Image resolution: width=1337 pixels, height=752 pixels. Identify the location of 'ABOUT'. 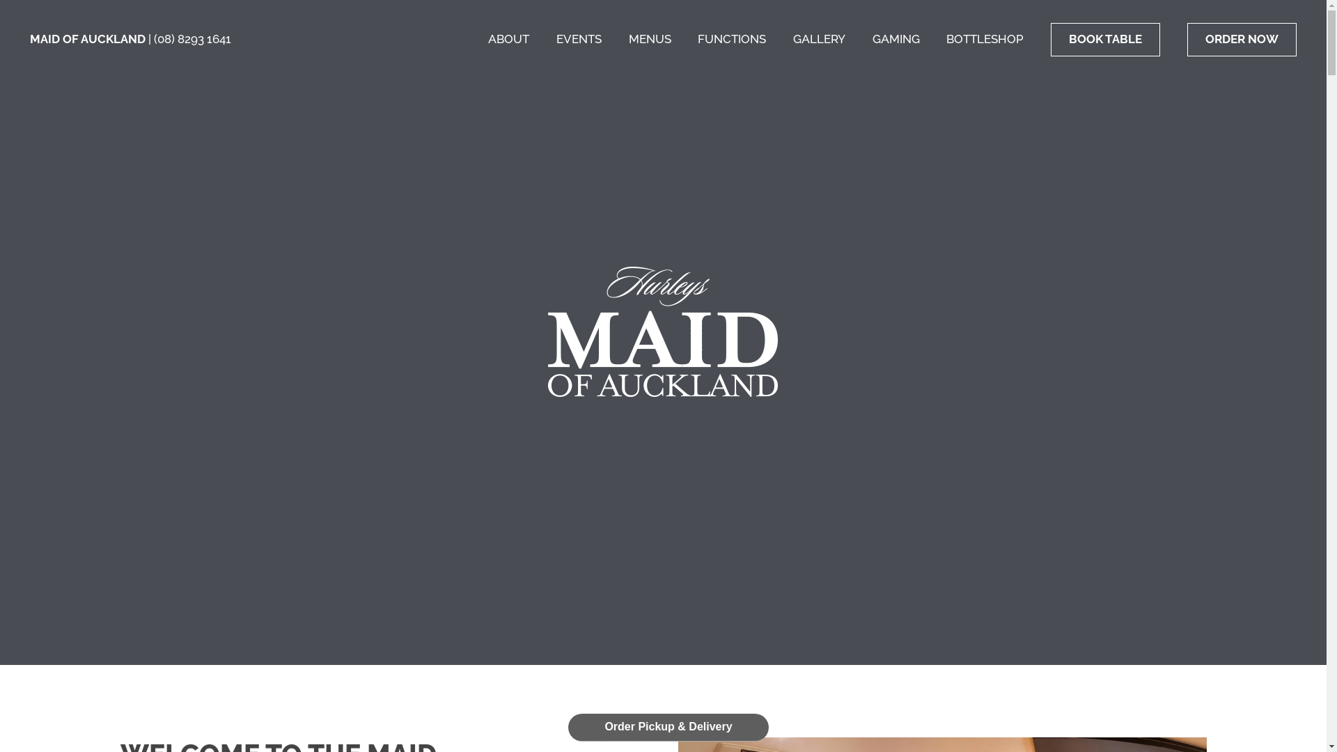
(508, 38).